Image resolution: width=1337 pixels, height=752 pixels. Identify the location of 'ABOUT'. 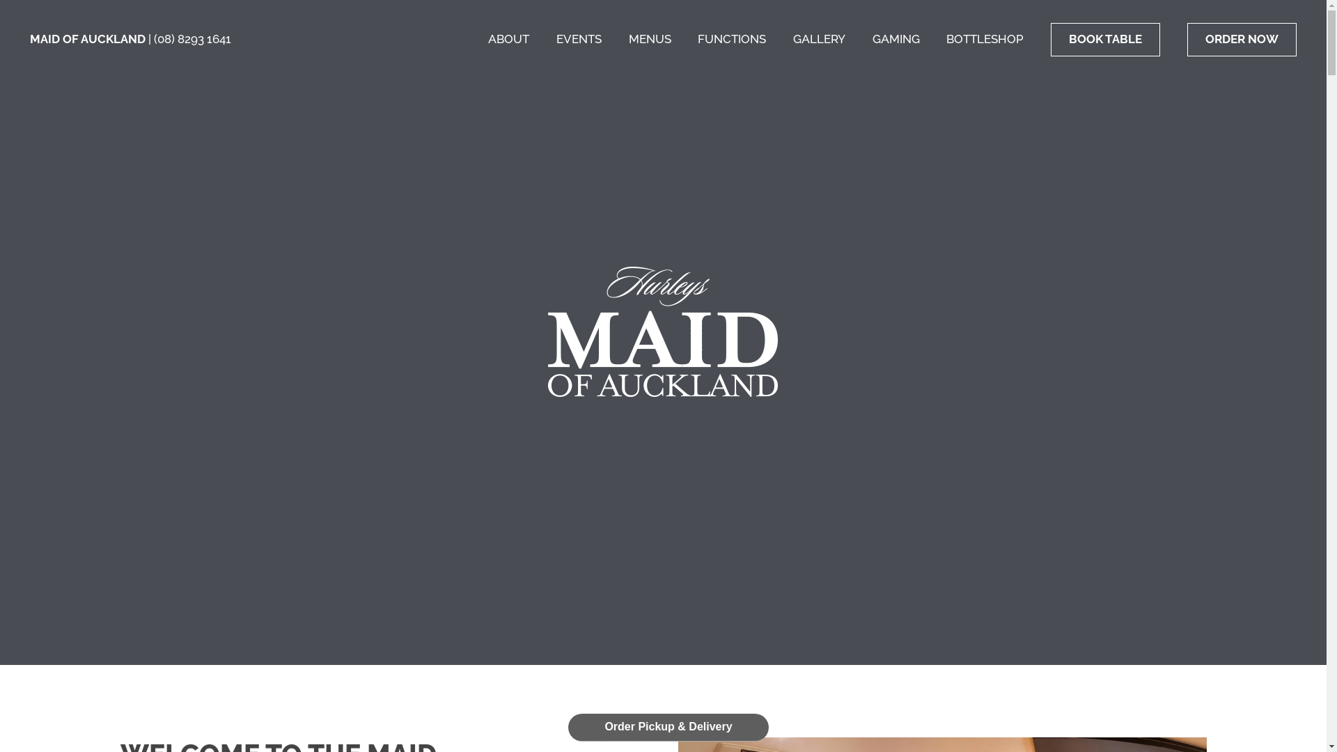
(508, 38).